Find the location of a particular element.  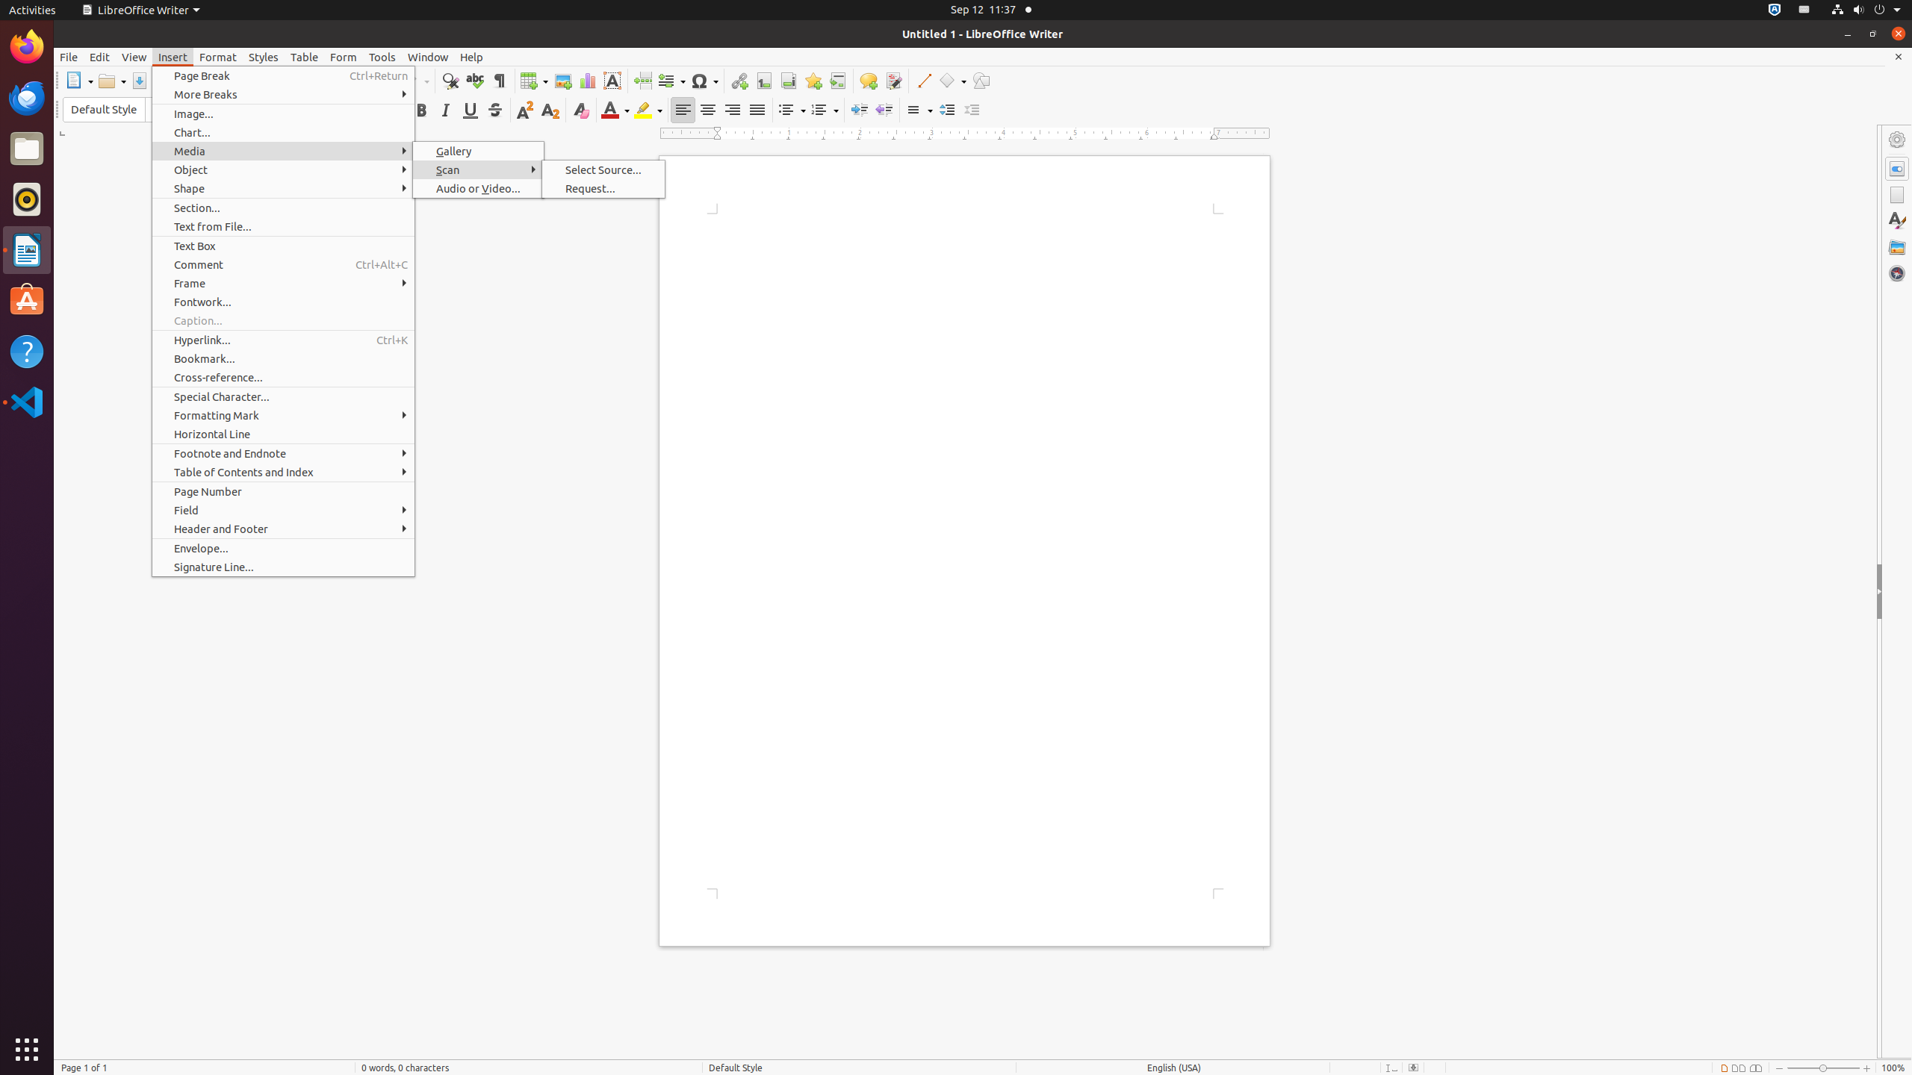

'Italic' is located at coordinates (444, 109).